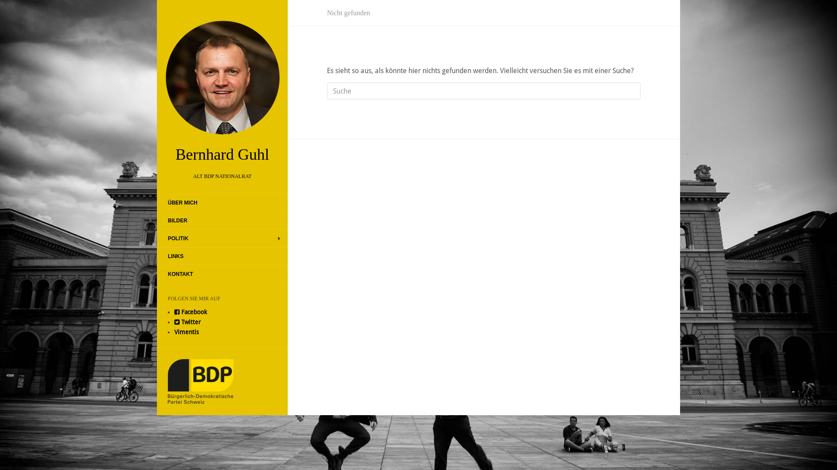  I want to click on 'LINKS', so click(175, 256).